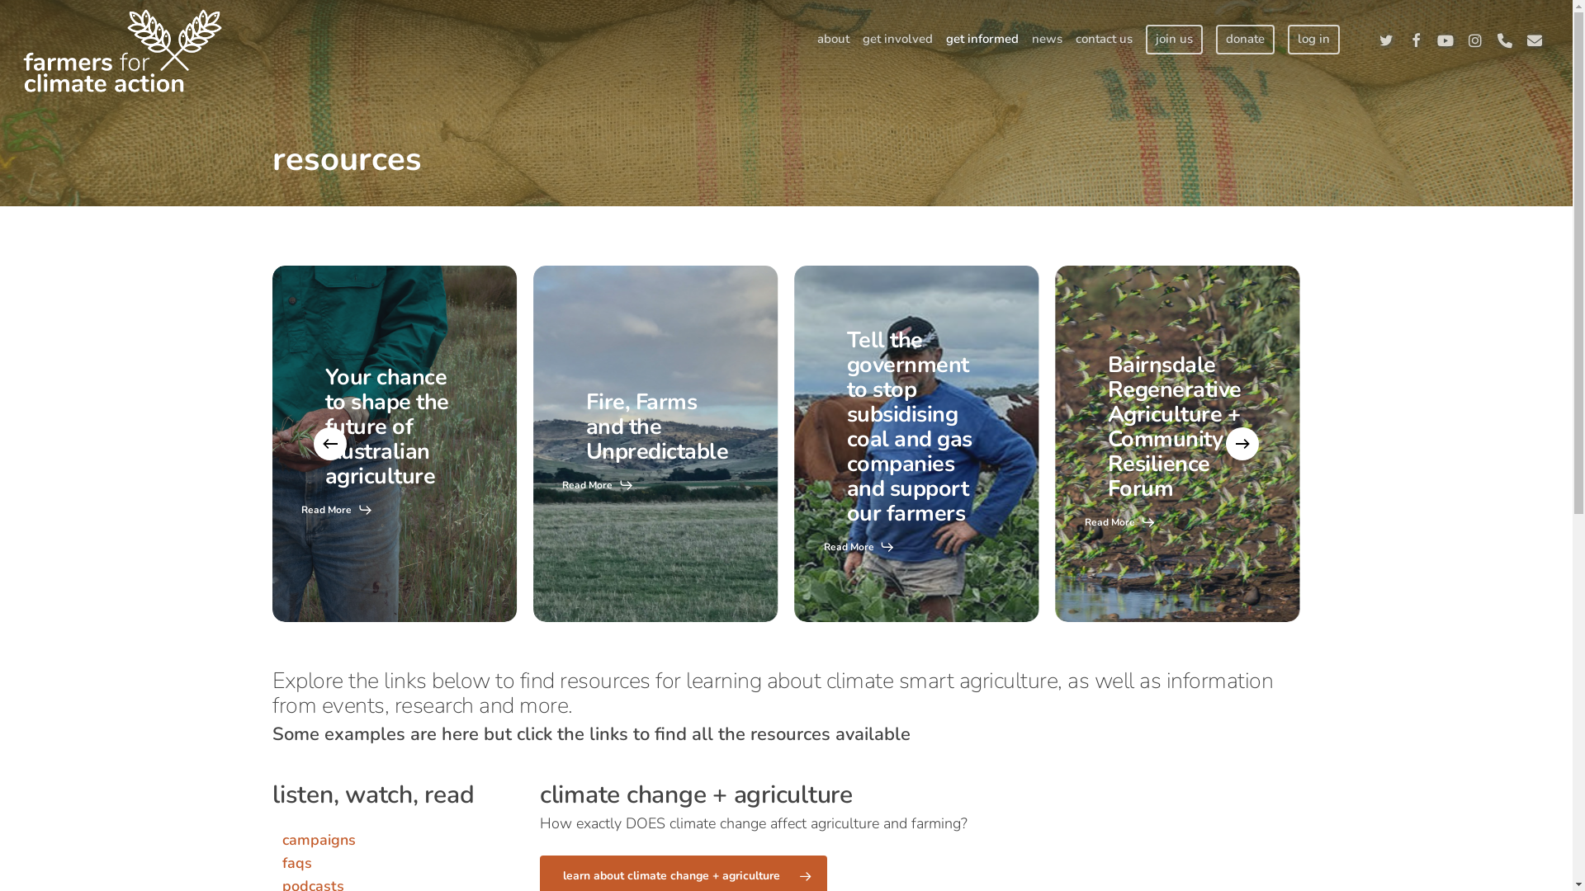 Image resolution: width=1585 pixels, height=891 pixels. I want to click on 'Your chance to shape the future of Australian agriculture', so click(386, 426).